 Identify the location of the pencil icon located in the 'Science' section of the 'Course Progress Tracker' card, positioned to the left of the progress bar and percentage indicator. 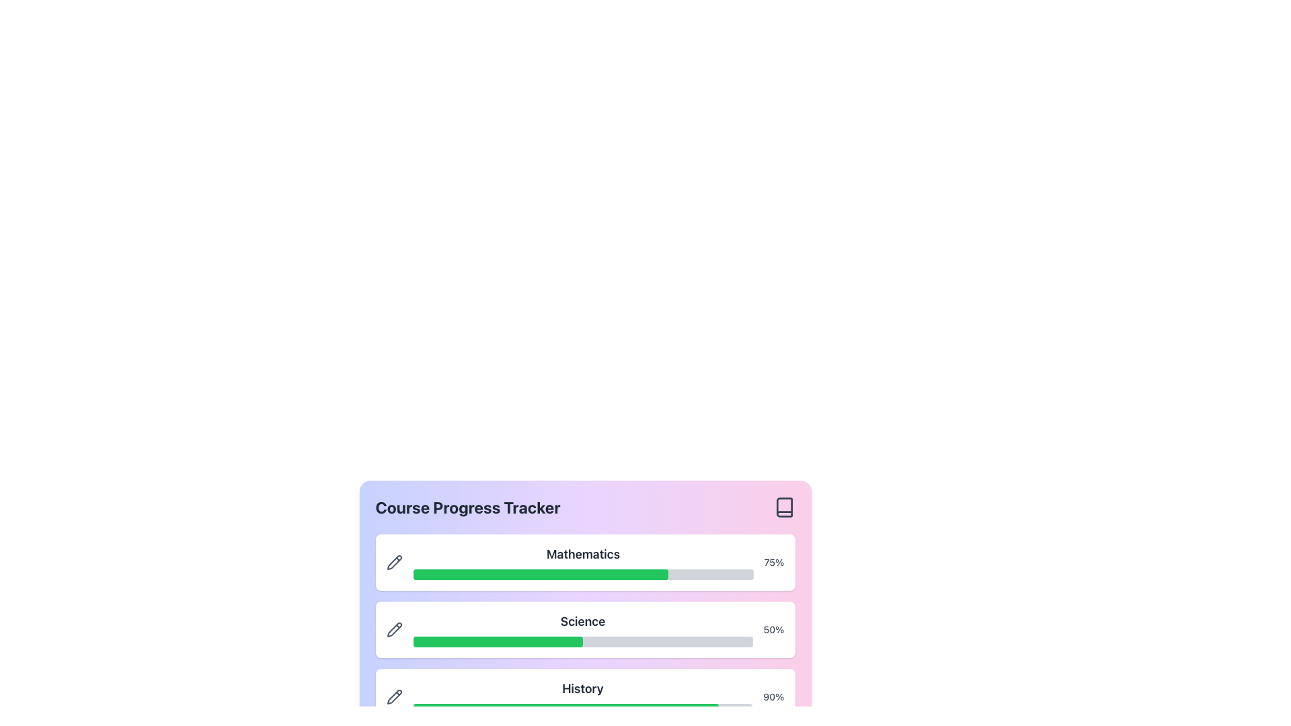
(393, 630).